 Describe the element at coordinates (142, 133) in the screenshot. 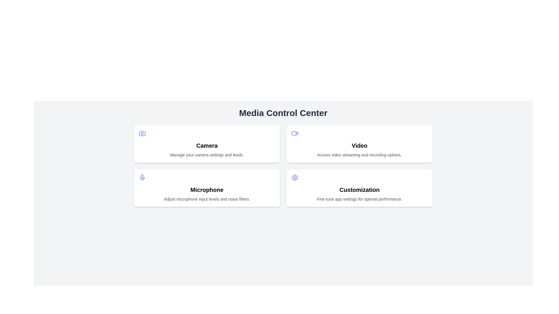

I see `the stylized camera icon located within the top left card of the 'Camera' interface` at that location.